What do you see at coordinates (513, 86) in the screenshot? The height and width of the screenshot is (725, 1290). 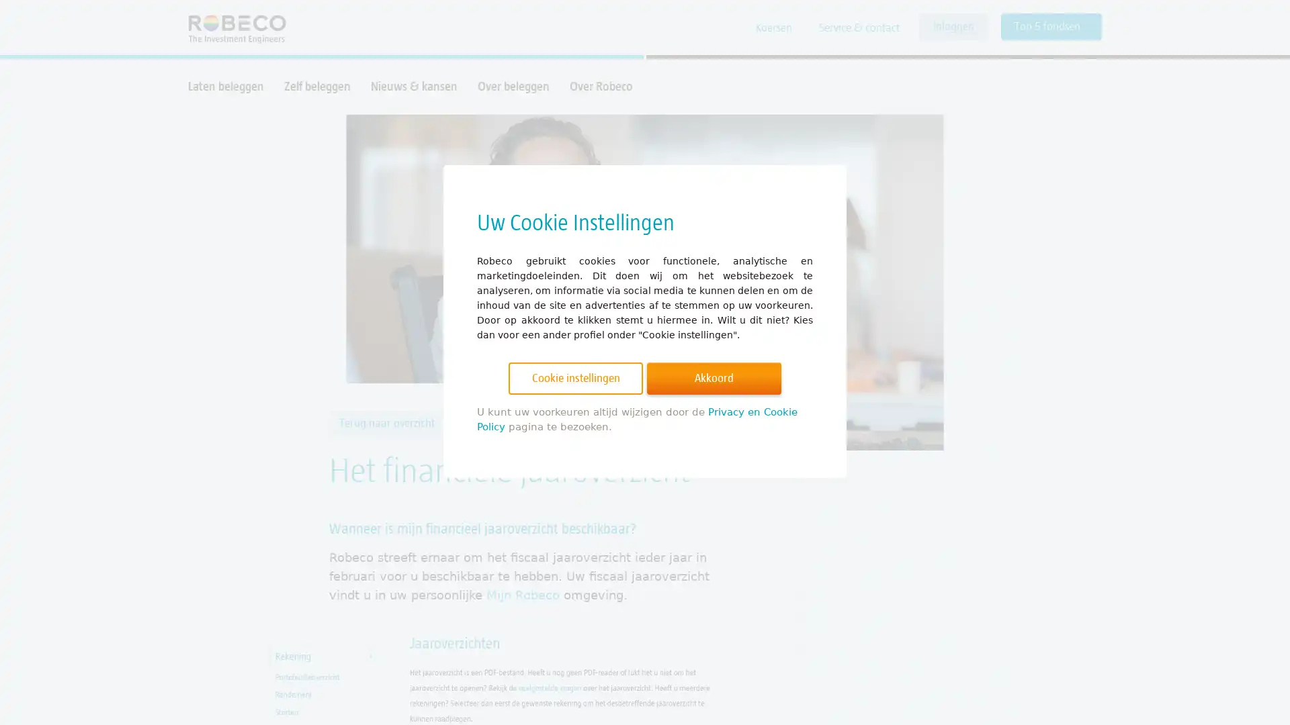 I see `Over beleggen` at bounding box center [513, 86].